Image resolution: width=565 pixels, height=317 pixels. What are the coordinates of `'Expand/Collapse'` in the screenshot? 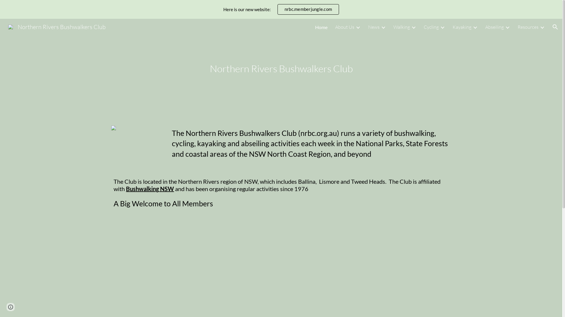 It's located at (413, 27).